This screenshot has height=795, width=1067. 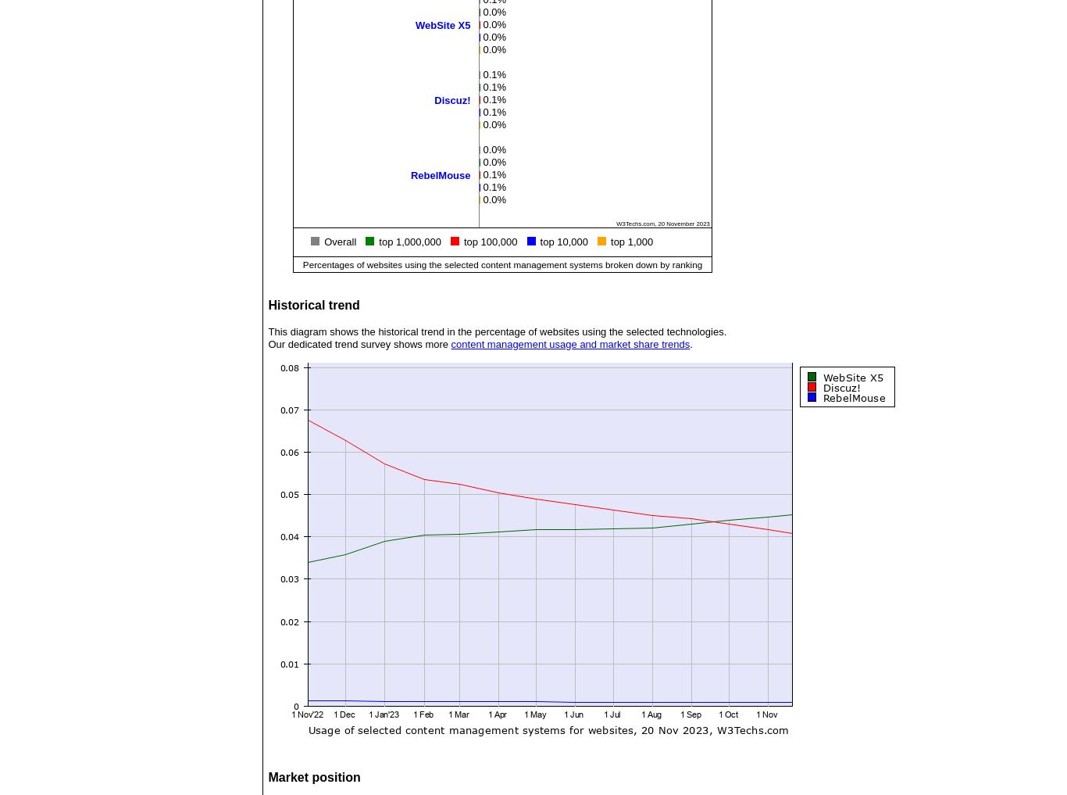 What do you see at coordinates (442, 23) in the screenshot?
I see `'WebSite X5'` at bounding box center [442, 23].